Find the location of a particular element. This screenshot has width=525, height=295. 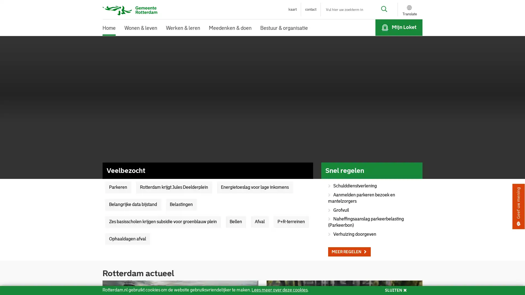

Geef uw mening is located at coordinates (518, 206).